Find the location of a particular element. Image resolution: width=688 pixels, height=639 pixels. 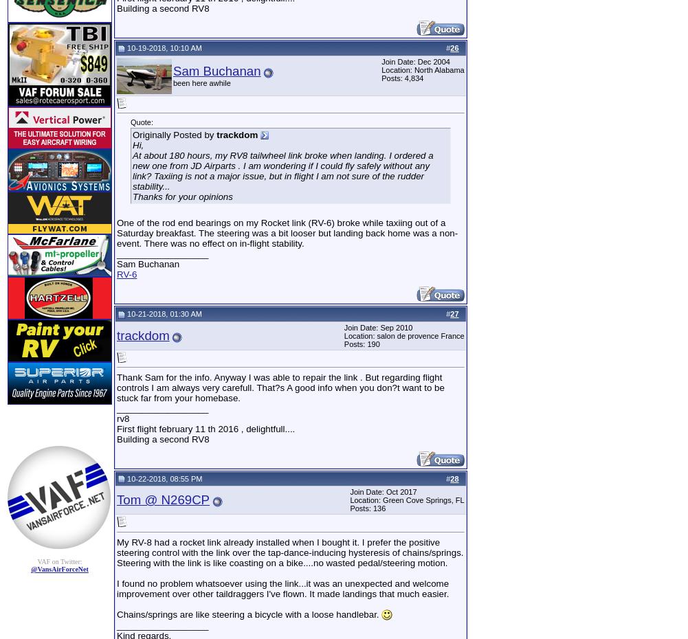

'VAF on Twitter:' is located at coordinates (58, 561).